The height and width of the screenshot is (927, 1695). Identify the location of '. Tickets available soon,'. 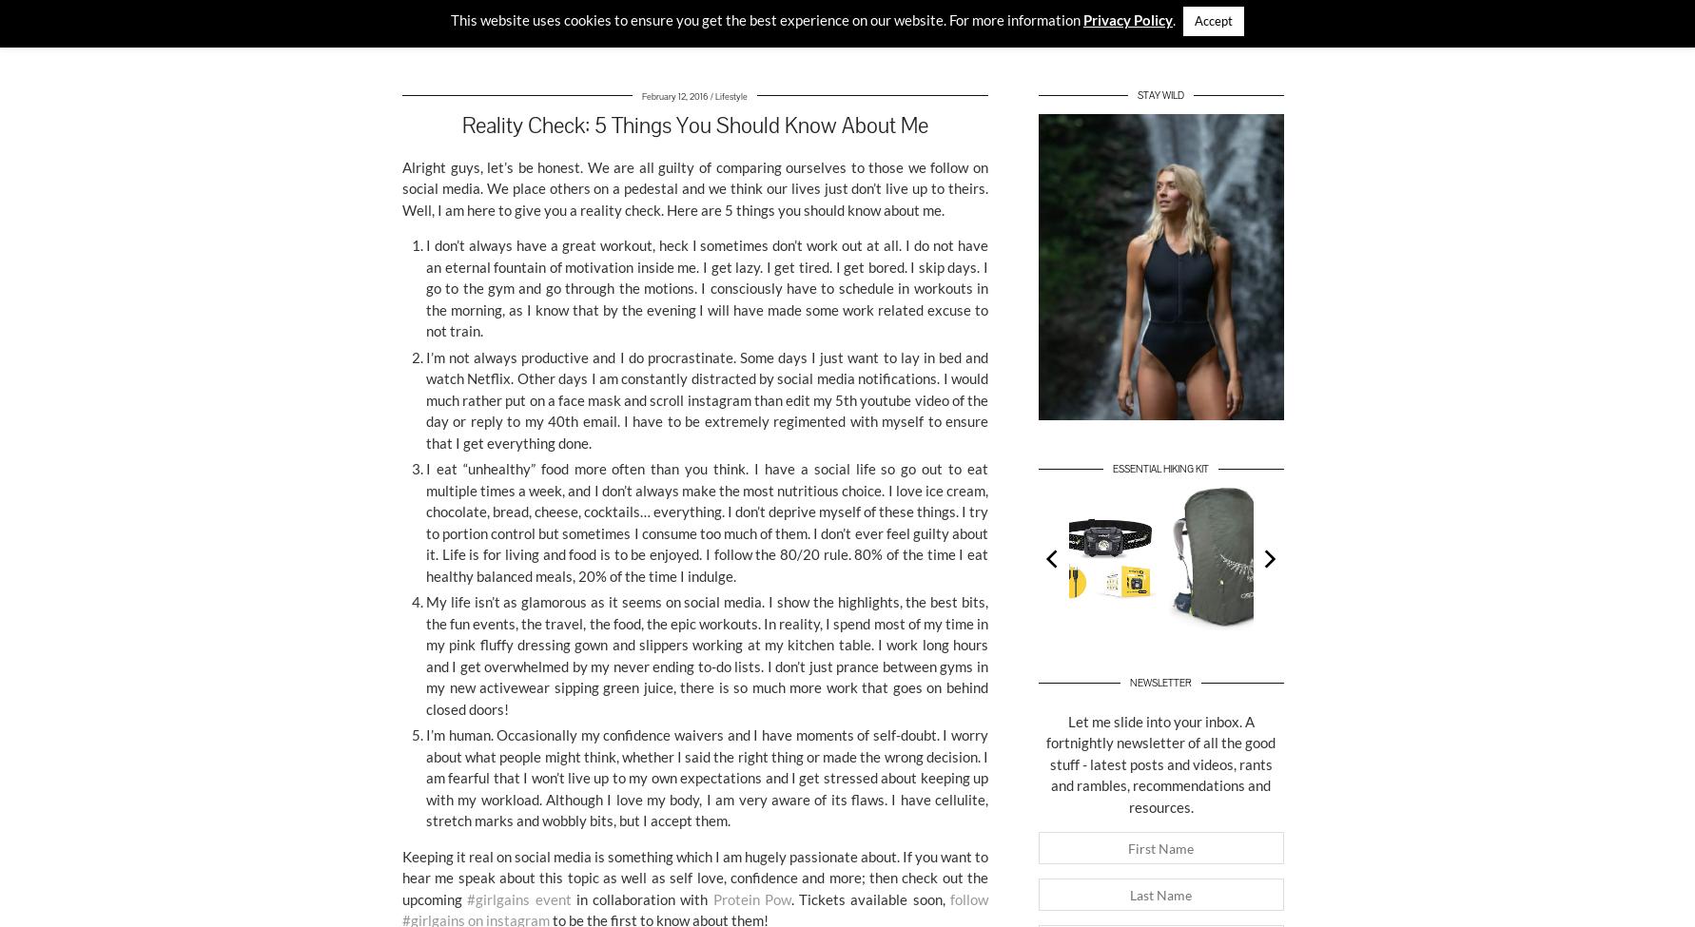
(789, 897).